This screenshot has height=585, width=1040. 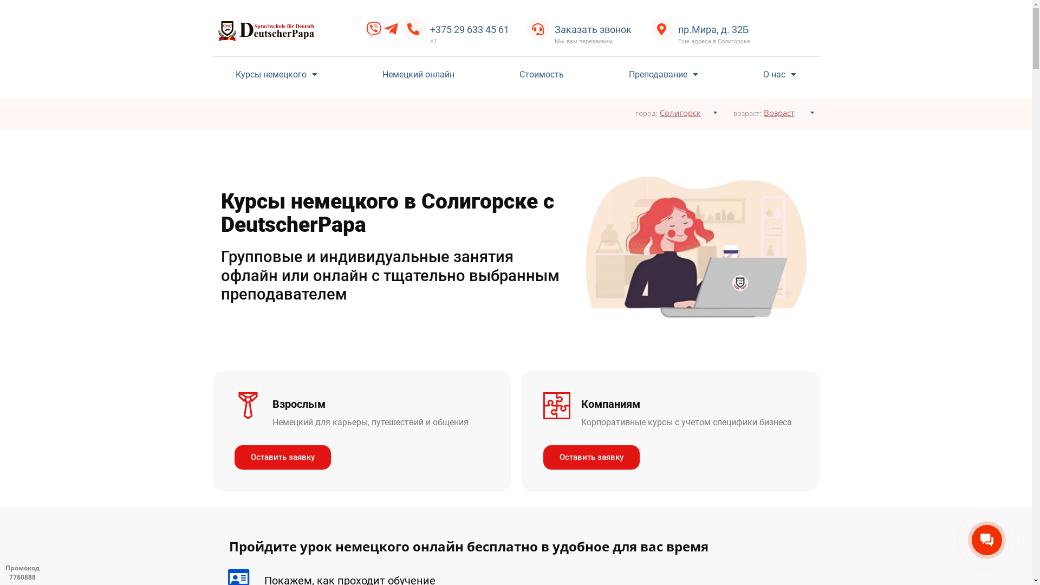 I want to click on '+375 29 633 45 61', so click(x=429, y=29).